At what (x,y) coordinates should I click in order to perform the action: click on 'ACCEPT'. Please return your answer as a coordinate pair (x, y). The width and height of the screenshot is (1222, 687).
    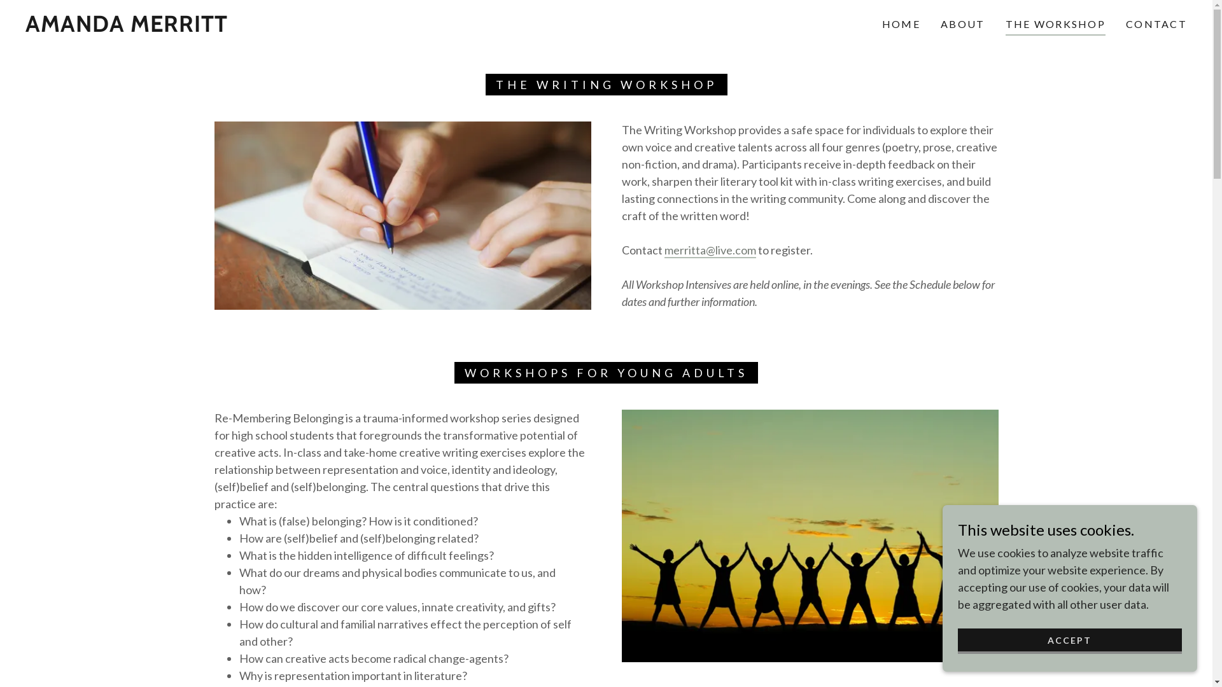
    Looking at the image, I should click on (1069, 641).